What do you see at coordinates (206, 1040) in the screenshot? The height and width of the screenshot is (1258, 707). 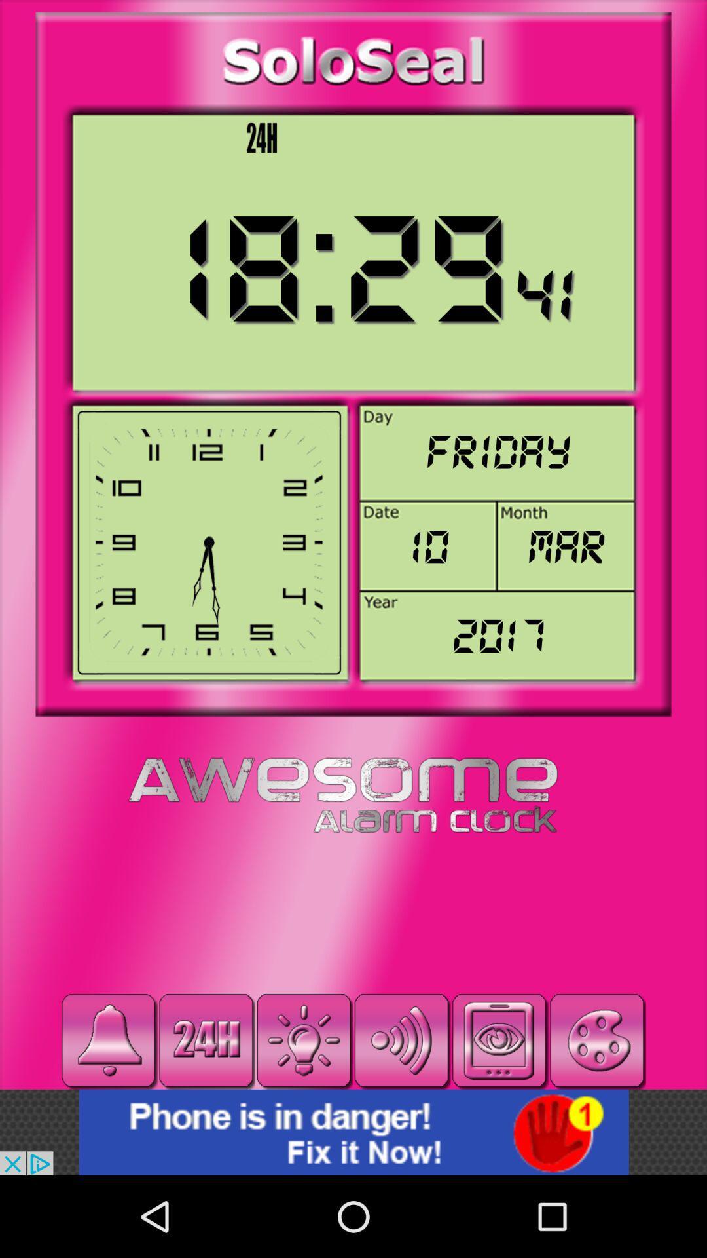 I see `time format` at bounding box center [206, 1040].